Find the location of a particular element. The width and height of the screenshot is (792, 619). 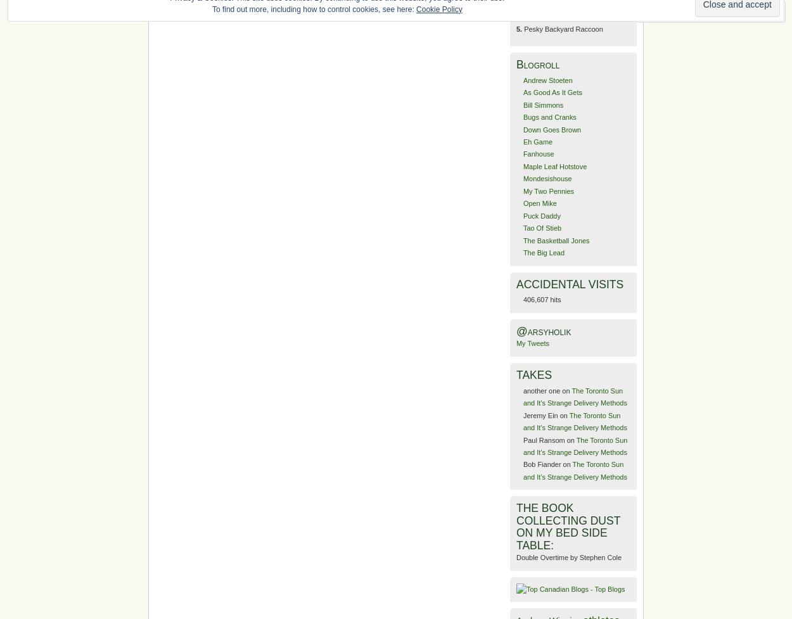

'Mondesishouse' is located at coordinates (546, 177).